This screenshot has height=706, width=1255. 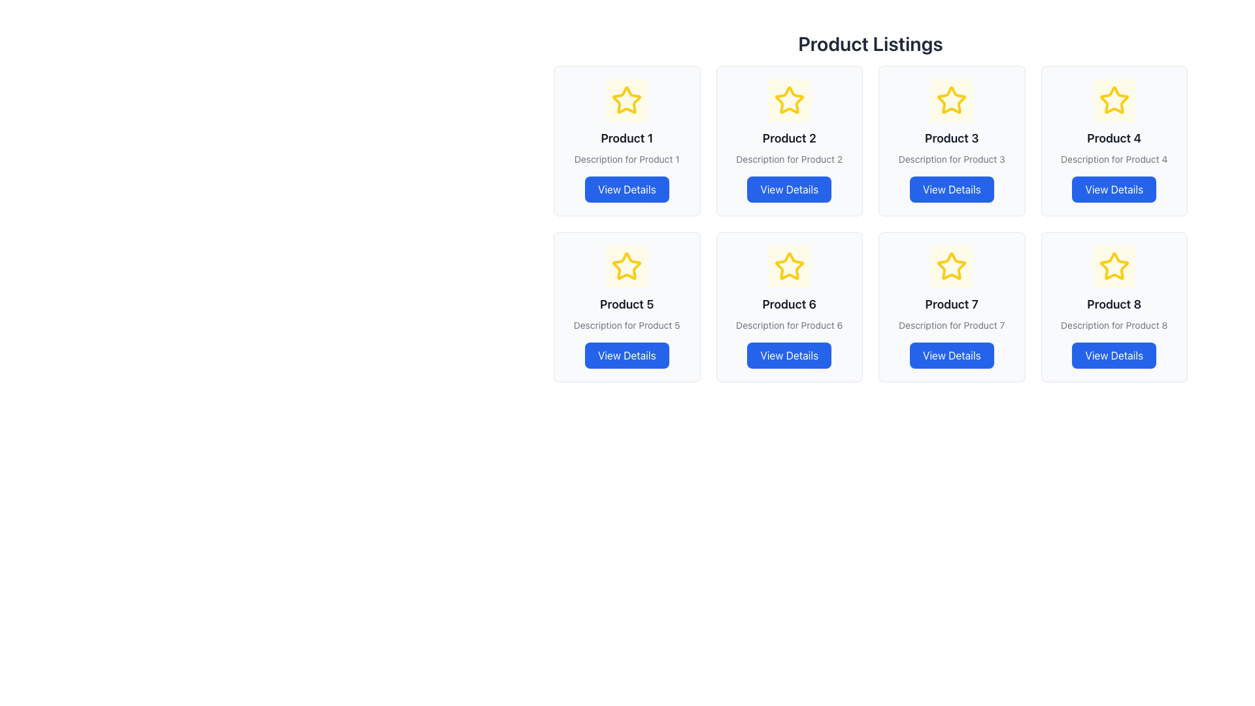 I want to click on the star icon in the 'Product 6' card to interact and trigger the product feature, so click(x=788, y=266).